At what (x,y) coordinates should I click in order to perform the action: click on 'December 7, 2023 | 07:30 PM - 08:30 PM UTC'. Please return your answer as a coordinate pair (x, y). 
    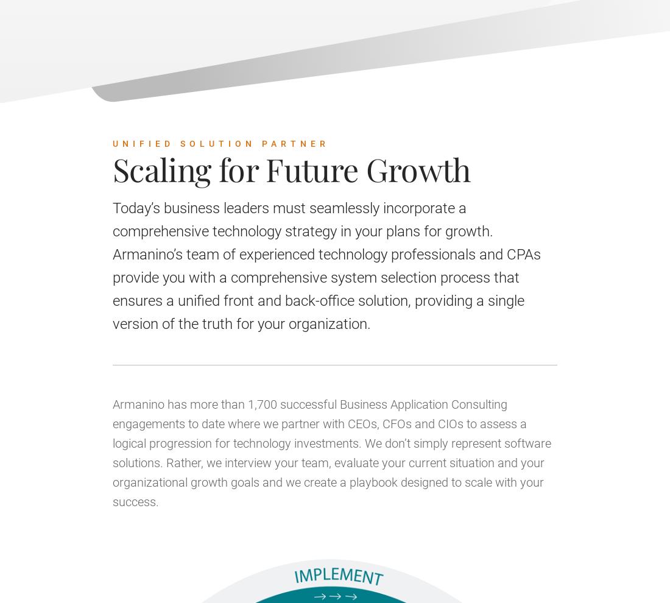
    Looking at the image, I should click on (145, 252).